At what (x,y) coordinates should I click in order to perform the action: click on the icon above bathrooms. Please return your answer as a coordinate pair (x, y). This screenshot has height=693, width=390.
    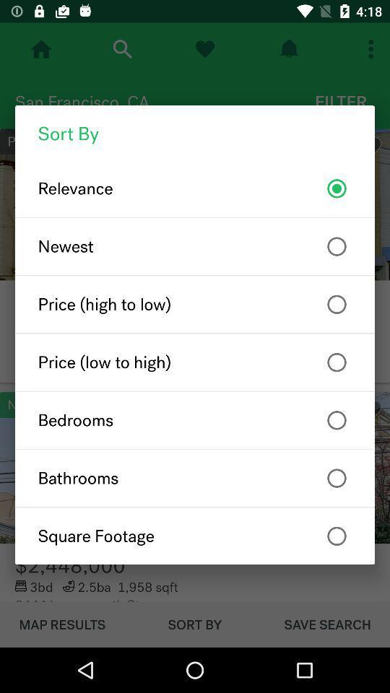
    Looking at the image, I should click on (195, 420).